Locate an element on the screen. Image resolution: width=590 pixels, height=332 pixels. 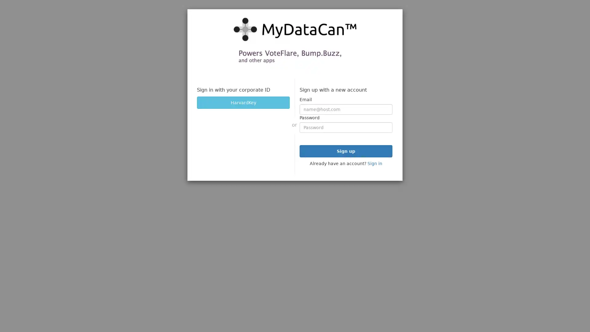
HarvardKey is located at coordinates (243, 102).